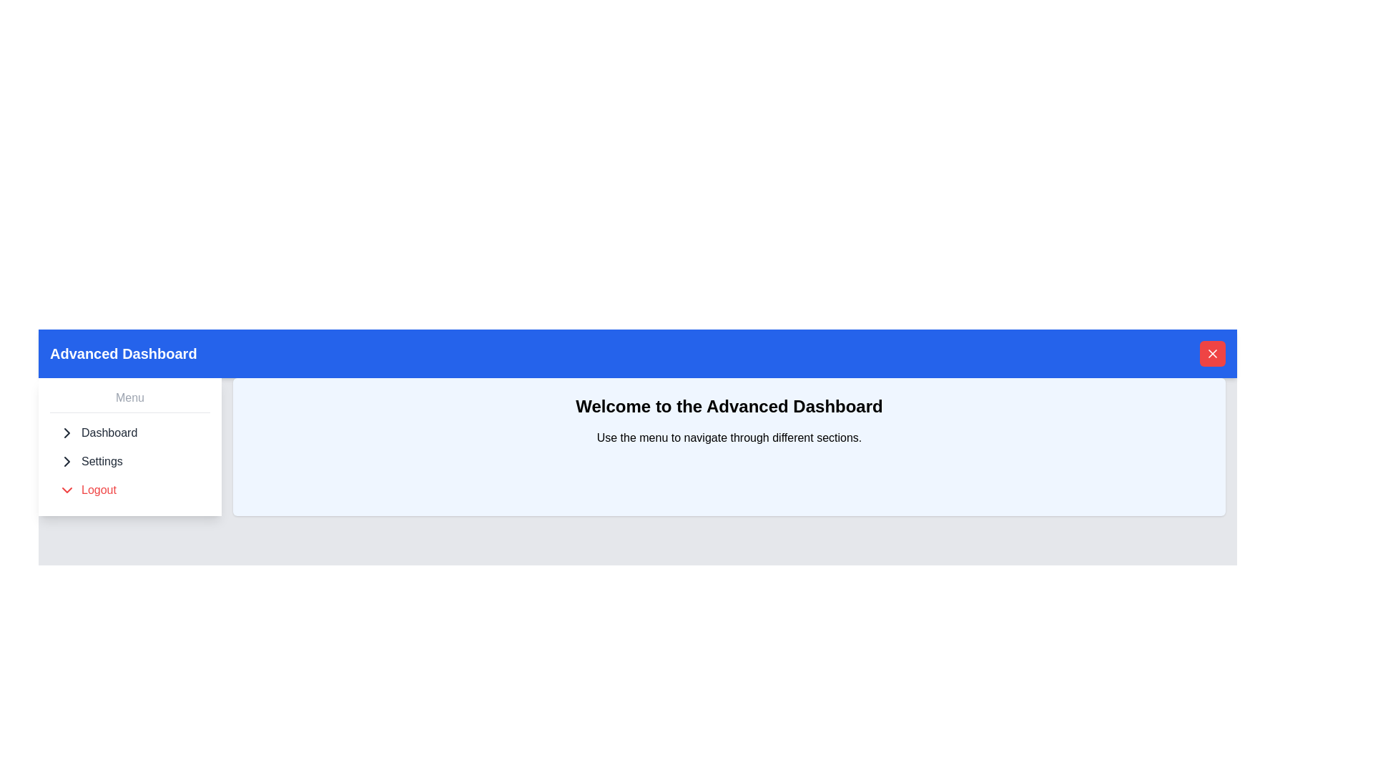 The image size is (1373, 772). Describe the element at coordinates (1211, 353) in the screenshot. I see `close icon located in the top-right corner of the blue header bar, which is inside a small red square, by hovering over it` at that location.